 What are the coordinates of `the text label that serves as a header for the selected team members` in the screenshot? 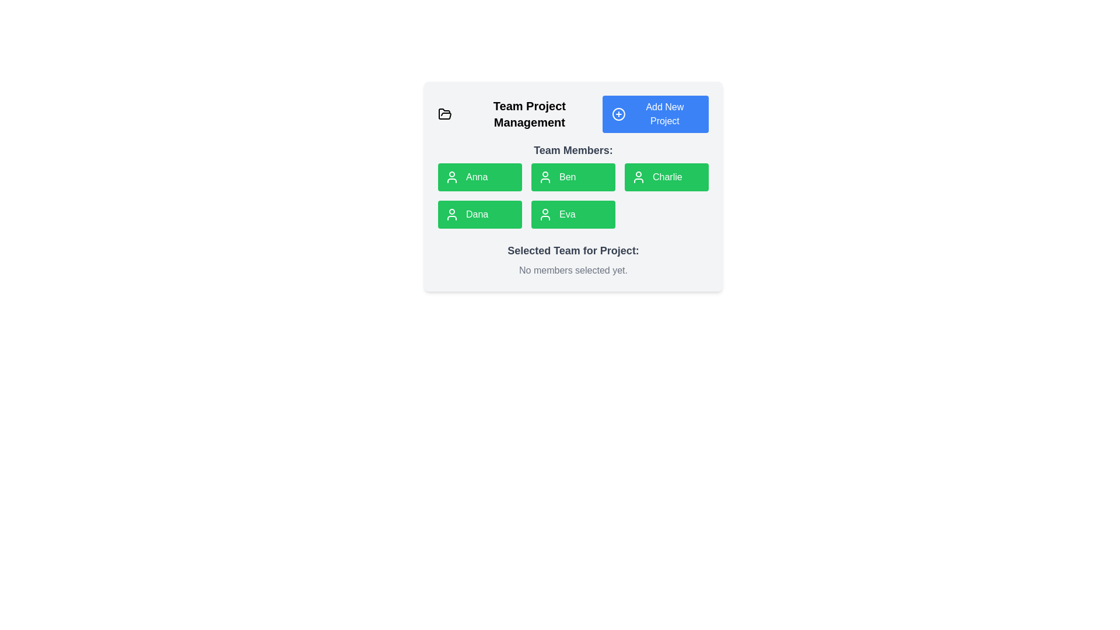 It's located at (573, 250).